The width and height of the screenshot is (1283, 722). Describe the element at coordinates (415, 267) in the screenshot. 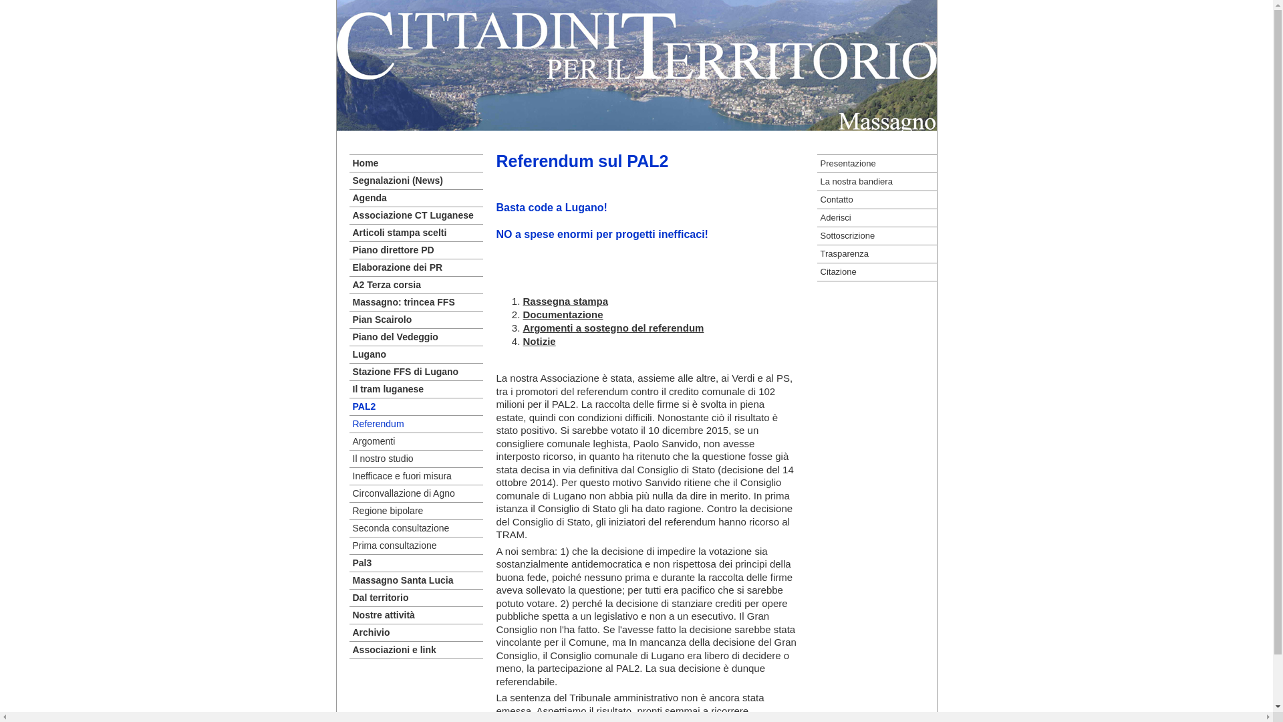

I see `'Elaborazione dei PR'` at that location.